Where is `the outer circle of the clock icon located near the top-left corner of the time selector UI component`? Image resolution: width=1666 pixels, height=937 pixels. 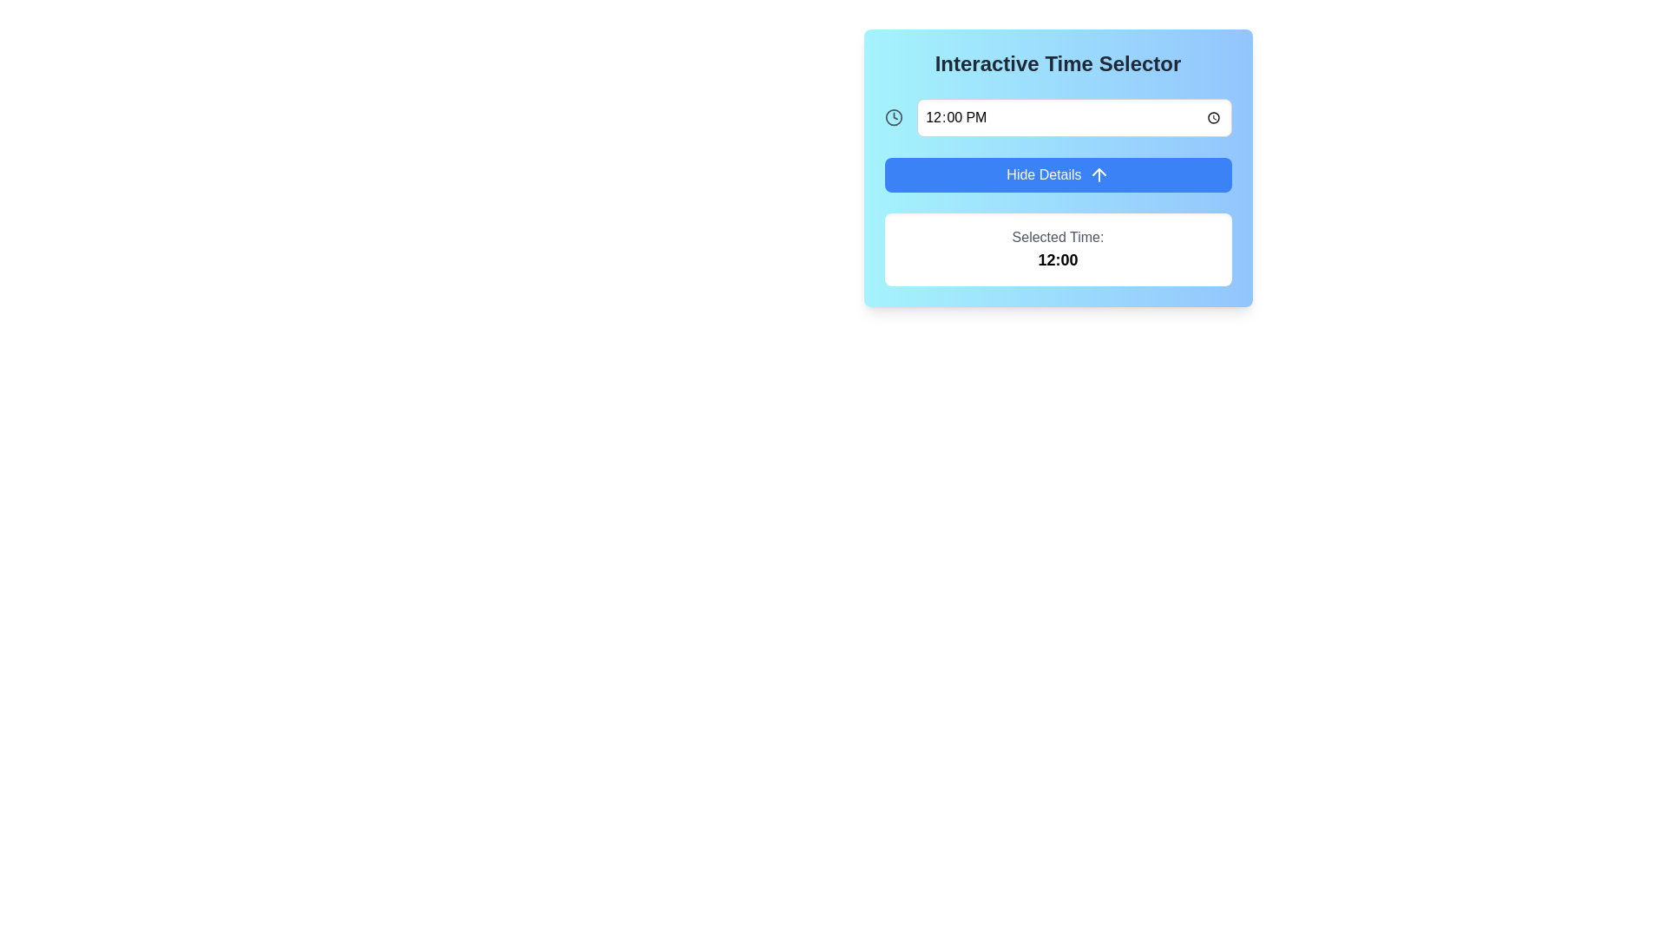 the outer circle of the clock icon located near the top-left corner of the time selector UI component is located at coordinates (894, 117).